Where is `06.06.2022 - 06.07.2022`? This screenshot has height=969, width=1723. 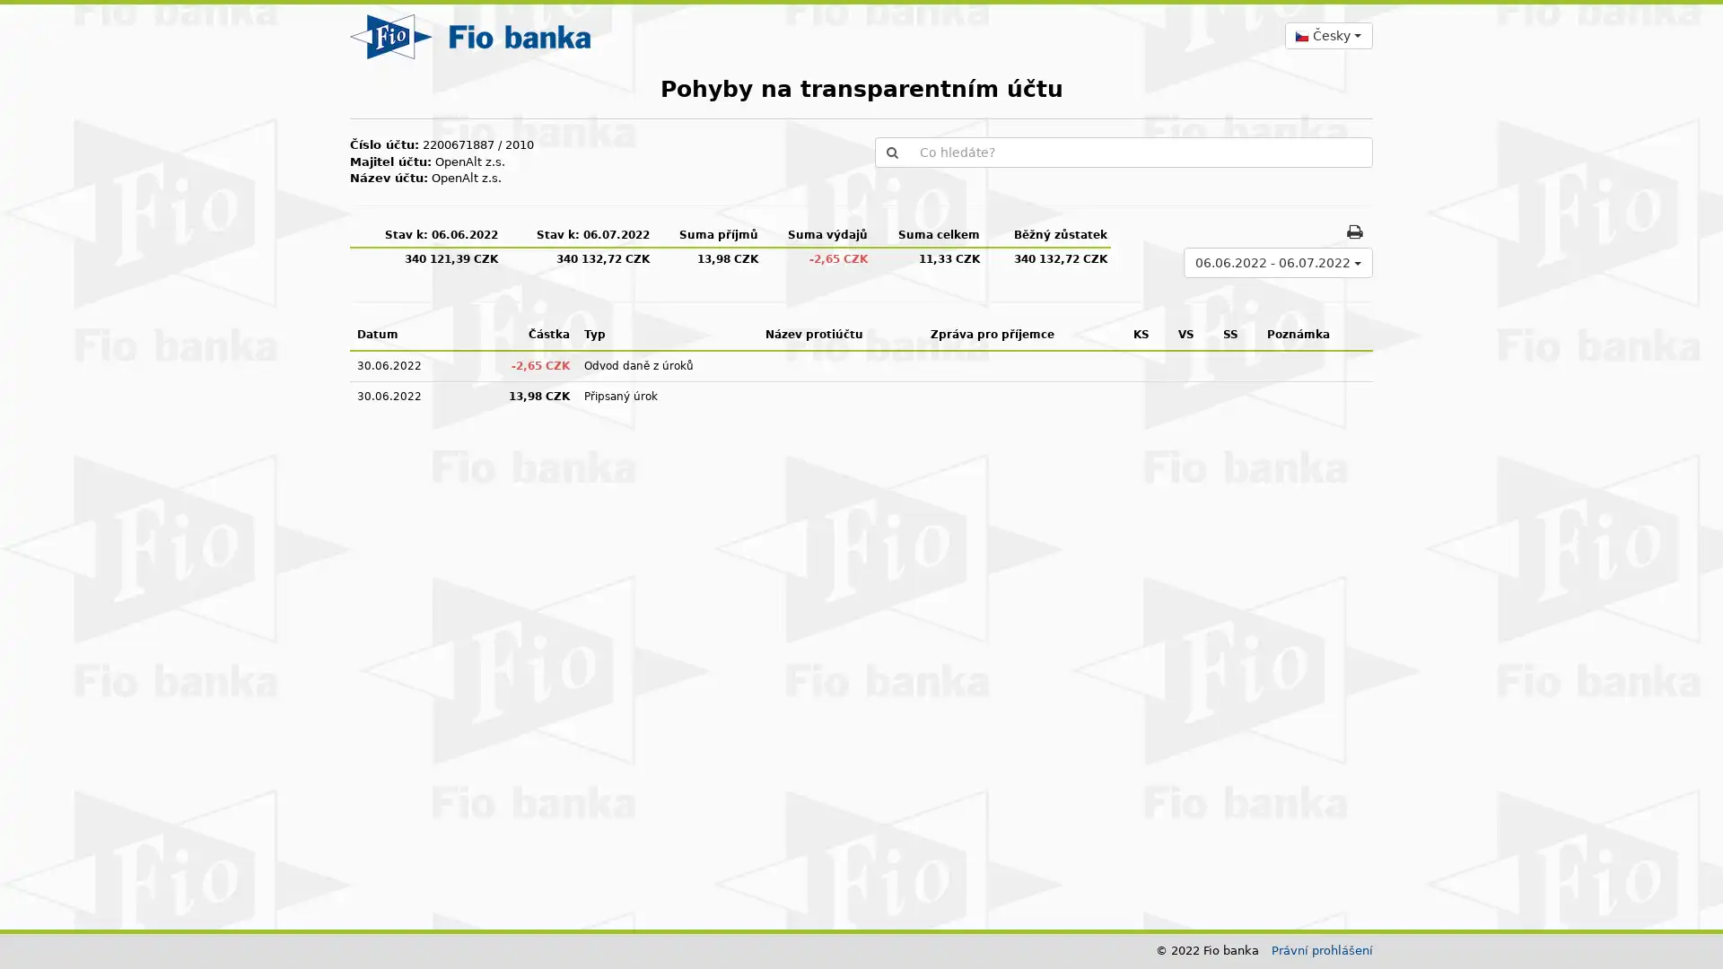
06.06.2022 - 06.07.2022 is located at coordinates (1277, 262).